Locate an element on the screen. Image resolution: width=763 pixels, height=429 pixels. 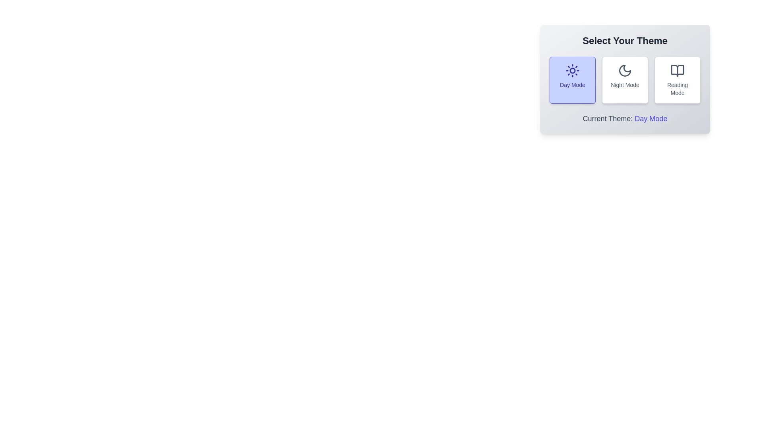
the button corresponding to Night mode is located at coordinates (625, 80).